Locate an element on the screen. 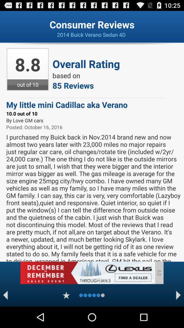 The height and width of the screenshot is (328, 184). go back is located at coordinates (5, 295).